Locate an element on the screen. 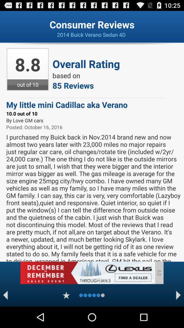 The height and width of the screenshot is (328, 184). go back is located at coordinates (5, 295).